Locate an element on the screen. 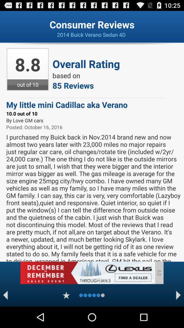 The height and width of the screenshot is (328, 184). go back is located at coordinates (5, 295).